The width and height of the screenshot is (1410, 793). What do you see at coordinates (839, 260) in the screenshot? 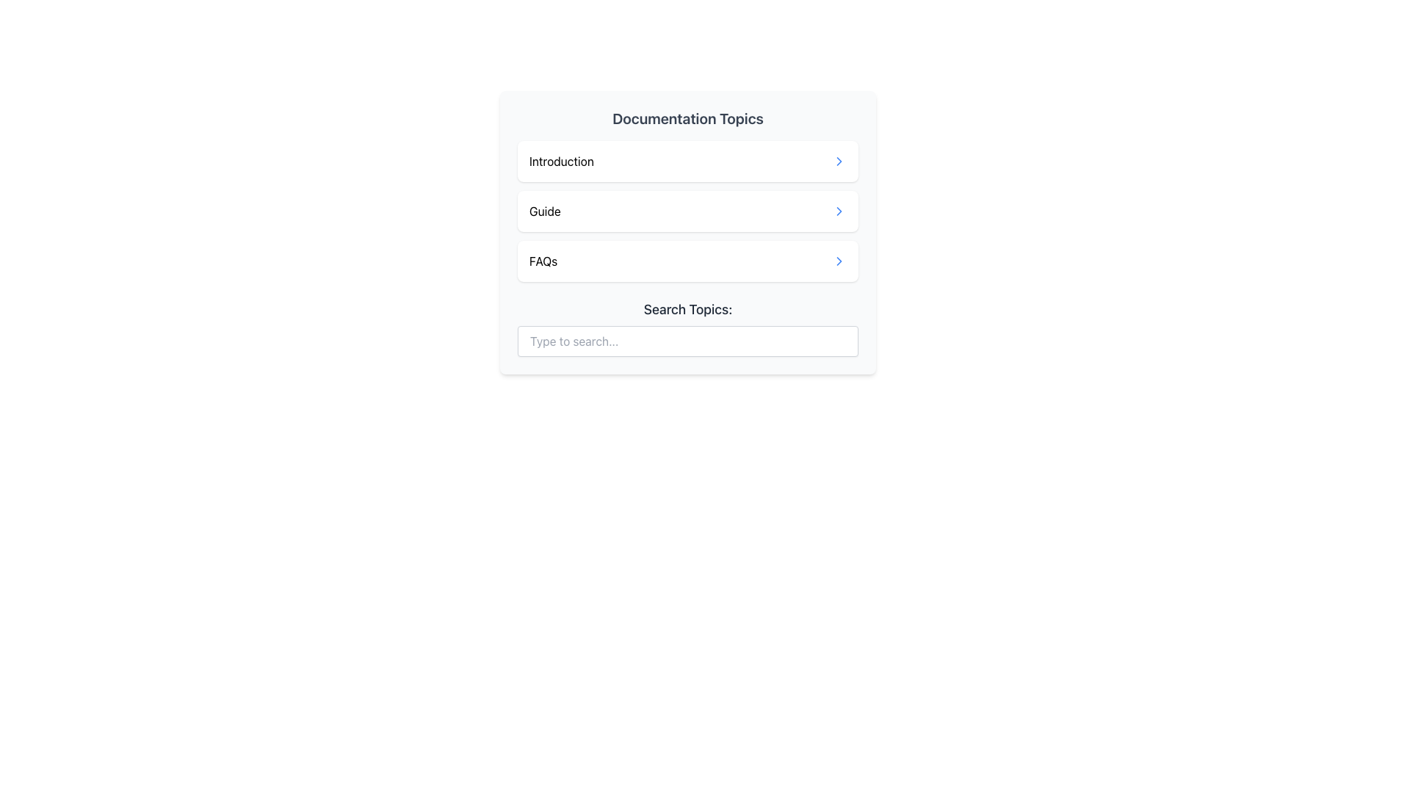
I see `the navigation icon located inside the 'FAQs' button, which is aligned on the far-right end of the button, immediately to the right of the label 'FAQs'` at bounding box center [839, 260].